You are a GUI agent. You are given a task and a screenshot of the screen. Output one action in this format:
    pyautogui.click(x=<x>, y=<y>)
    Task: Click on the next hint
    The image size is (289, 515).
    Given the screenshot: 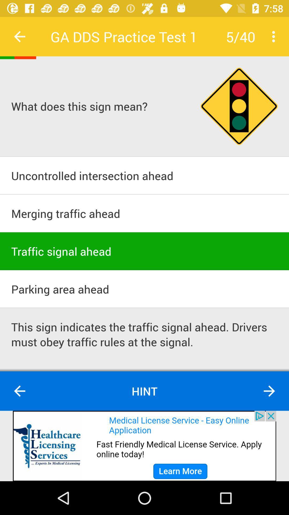 What is the action you would take?
    pyautogui.click(x=269, y=391)
    